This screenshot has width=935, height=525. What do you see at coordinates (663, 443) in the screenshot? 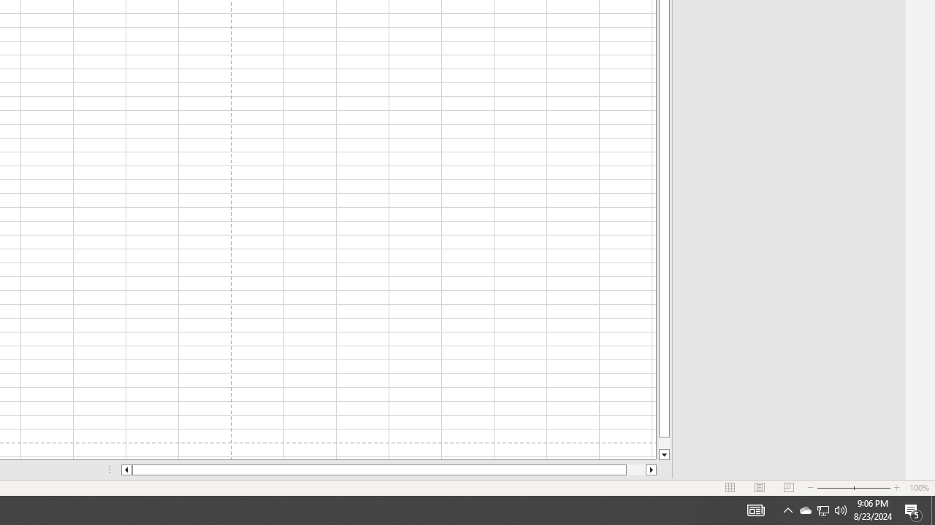
I see `'Page down'` at bounding box center [663, 443].